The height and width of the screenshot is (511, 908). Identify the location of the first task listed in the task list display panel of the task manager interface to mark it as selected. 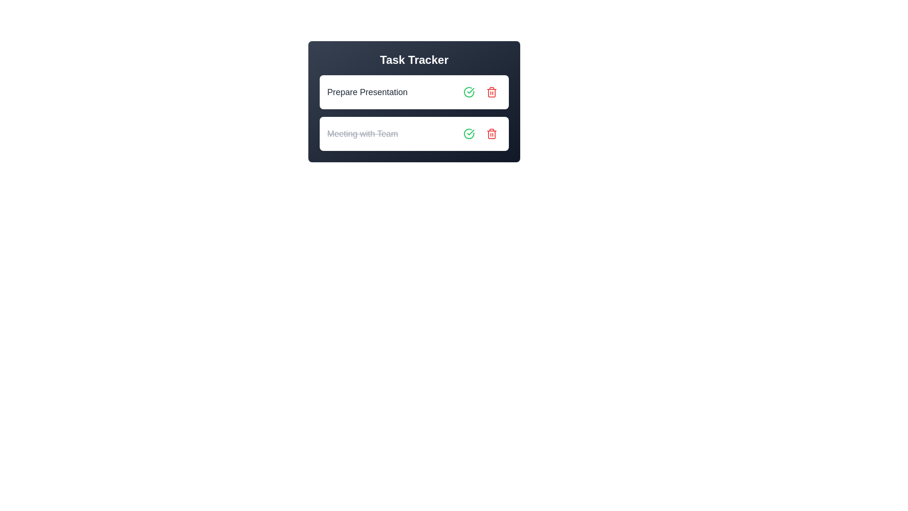
(414, 102).